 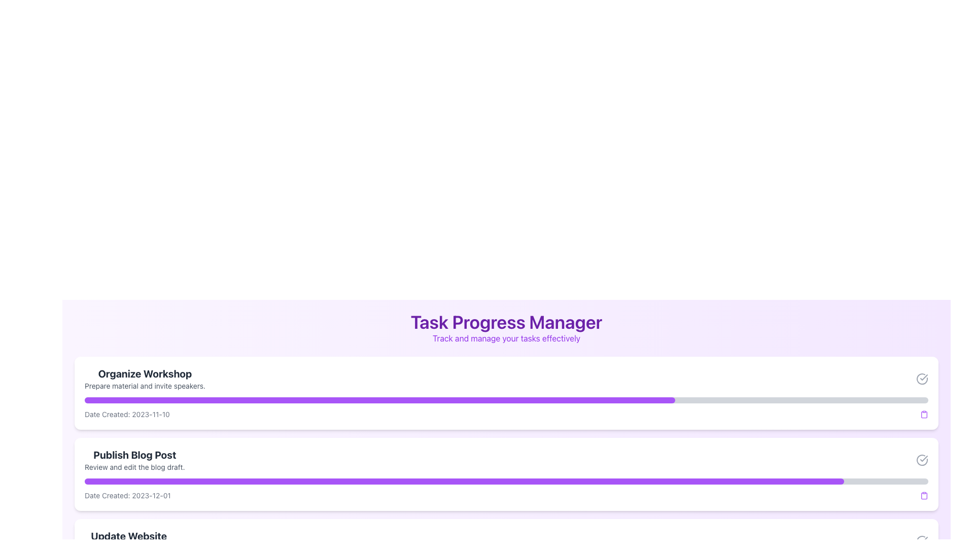 I want to click on the text element displaying 'Date Created: 2023-12-01', which is styled in a small gray font and positioned below the 'Publish Blog Post' task header, so click(x=127, y=495).